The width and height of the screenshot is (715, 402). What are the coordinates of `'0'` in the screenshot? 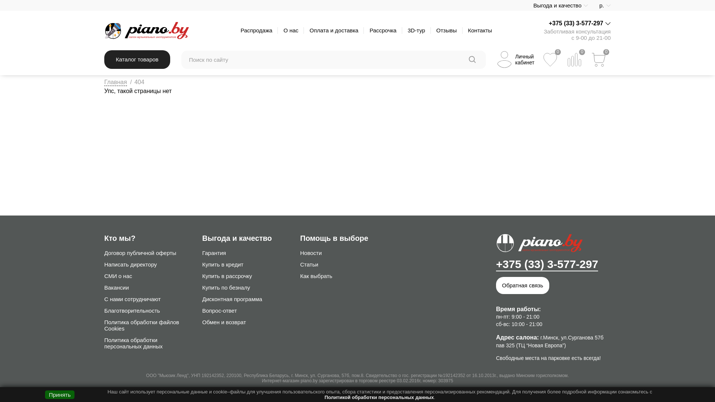 It's located at (574, 59).